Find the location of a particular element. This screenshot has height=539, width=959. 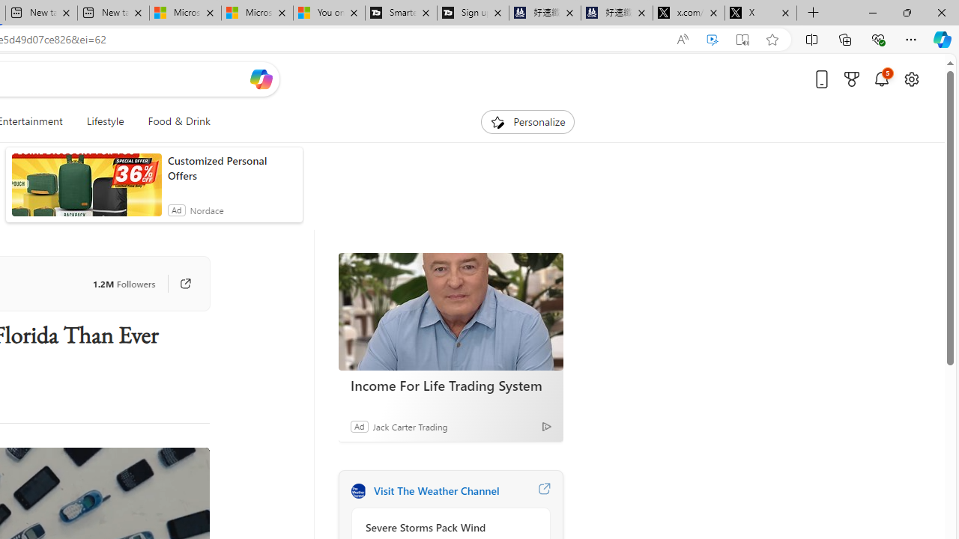

'anim-content' is located at coordinates (85, 190).